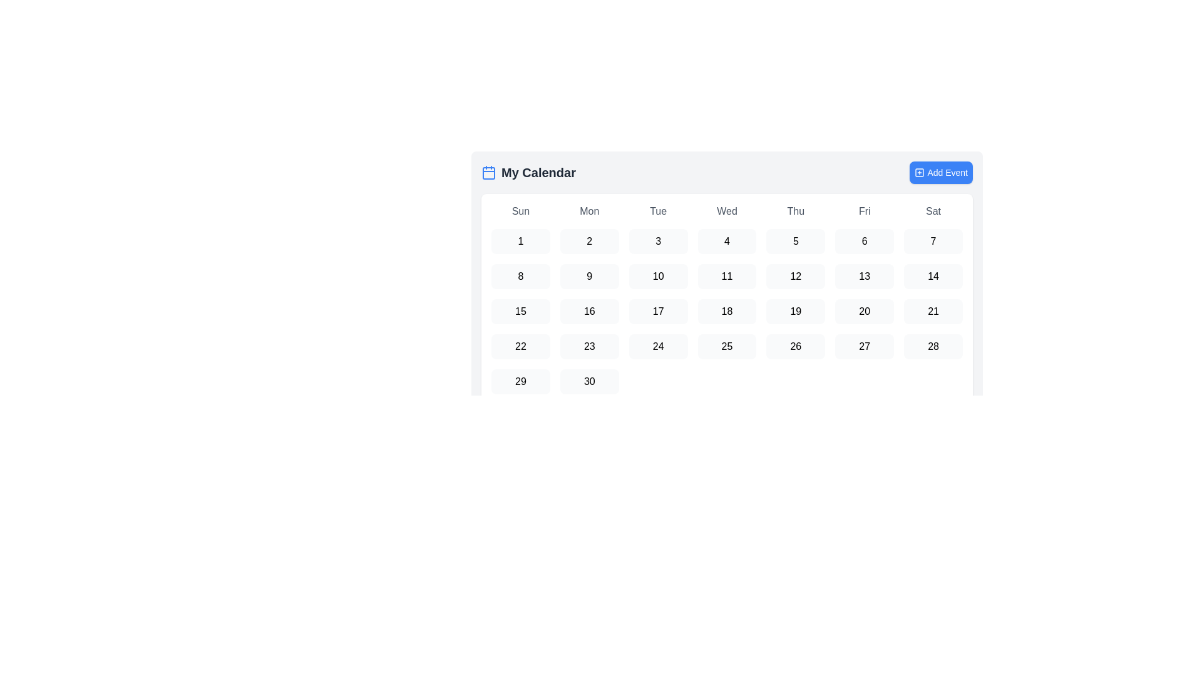 Image resolution: width=1202 pixels, height=676 pixels. What do you see at coordinates (657, 276) in the screenshot?
I see `the date cell representing the 10th day of the month in the calendar grid titled 'My Calendar', located in the third column of the second row under the 'Tue' column header` at bounding box center [657, 276].